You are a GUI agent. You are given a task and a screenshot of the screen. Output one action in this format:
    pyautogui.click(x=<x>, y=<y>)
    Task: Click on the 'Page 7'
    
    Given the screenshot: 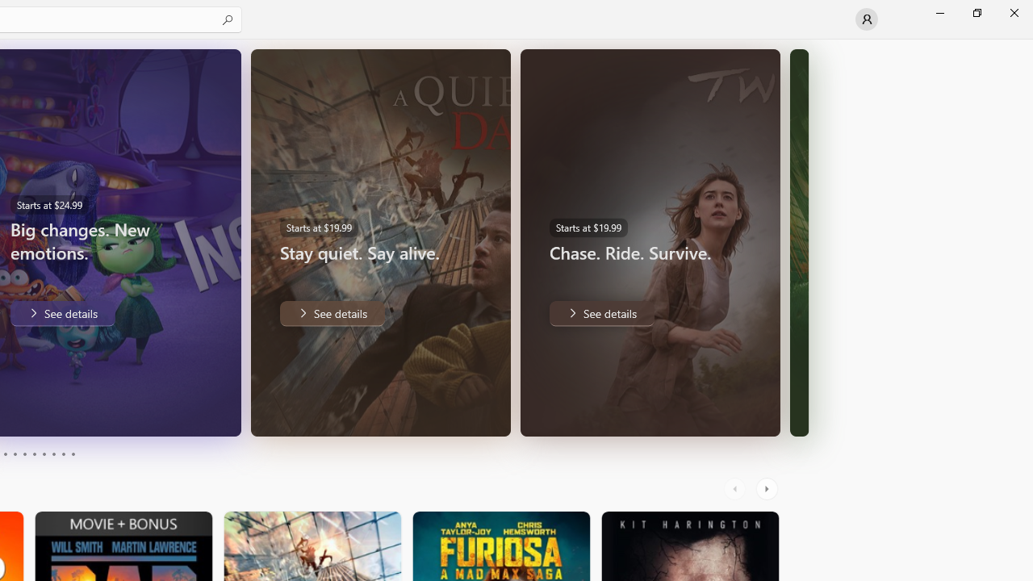 What is the action you would take?
    pyautogui.click(x=44, y=454)
    